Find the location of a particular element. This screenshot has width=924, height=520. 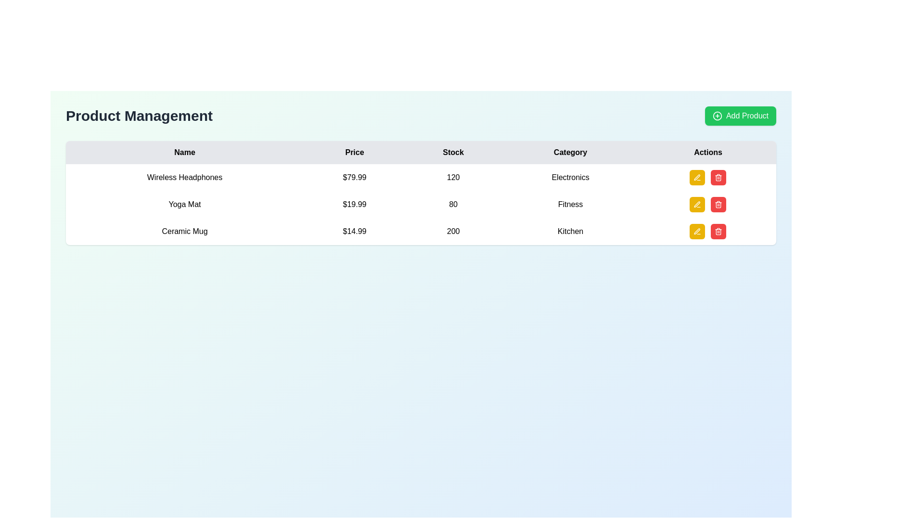

the Decorative element within the SVG graphic that visually contributes to the 'Delete' button's icon in the 'Actions' column of the table row is located at coordinates (719, 232).